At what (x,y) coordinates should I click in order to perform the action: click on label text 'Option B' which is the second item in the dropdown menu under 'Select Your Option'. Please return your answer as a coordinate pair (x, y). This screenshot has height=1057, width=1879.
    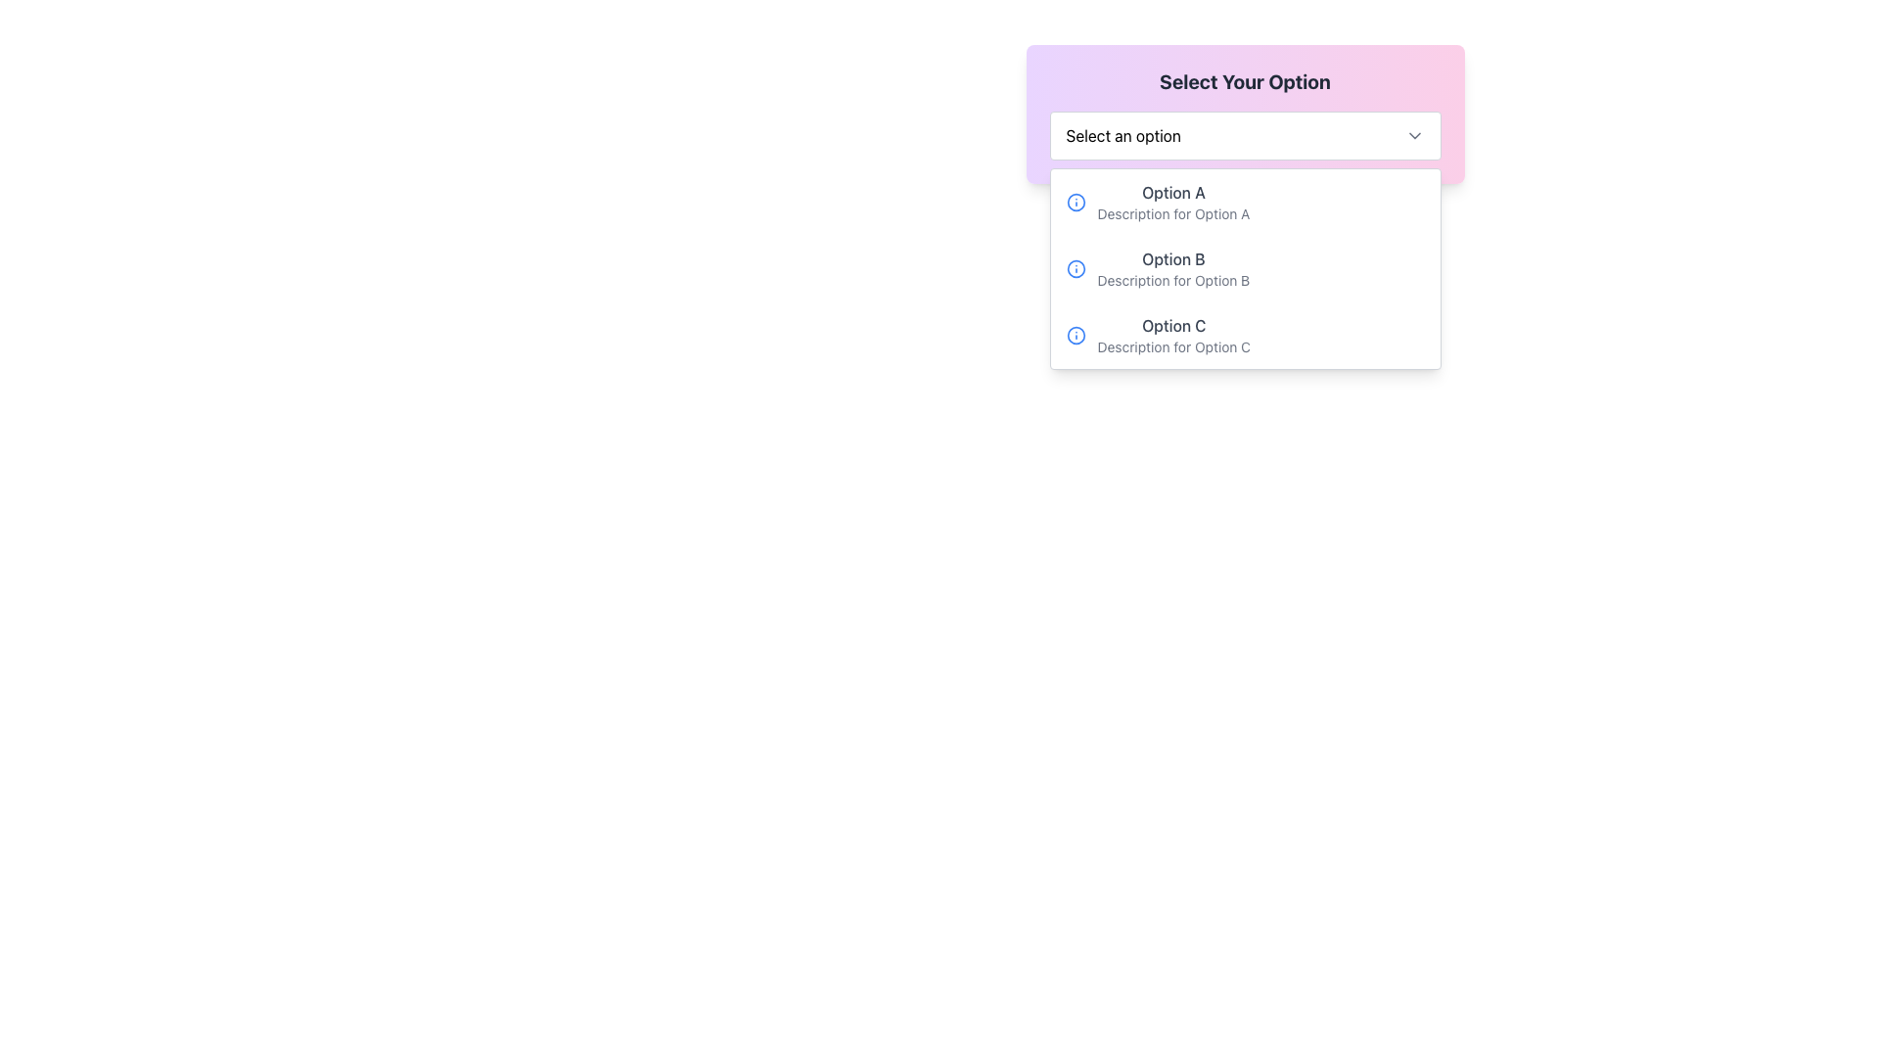
    Looking at the image, I should click on (1173, 258).